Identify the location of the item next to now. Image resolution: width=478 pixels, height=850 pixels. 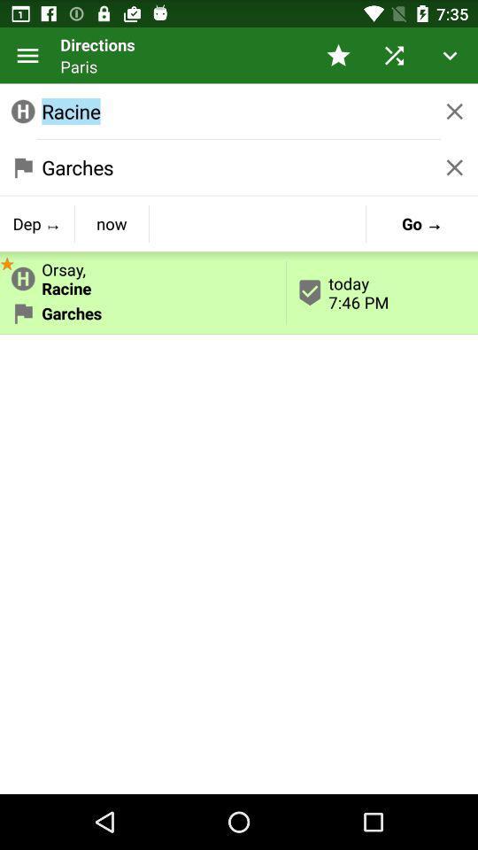
(37, 222).